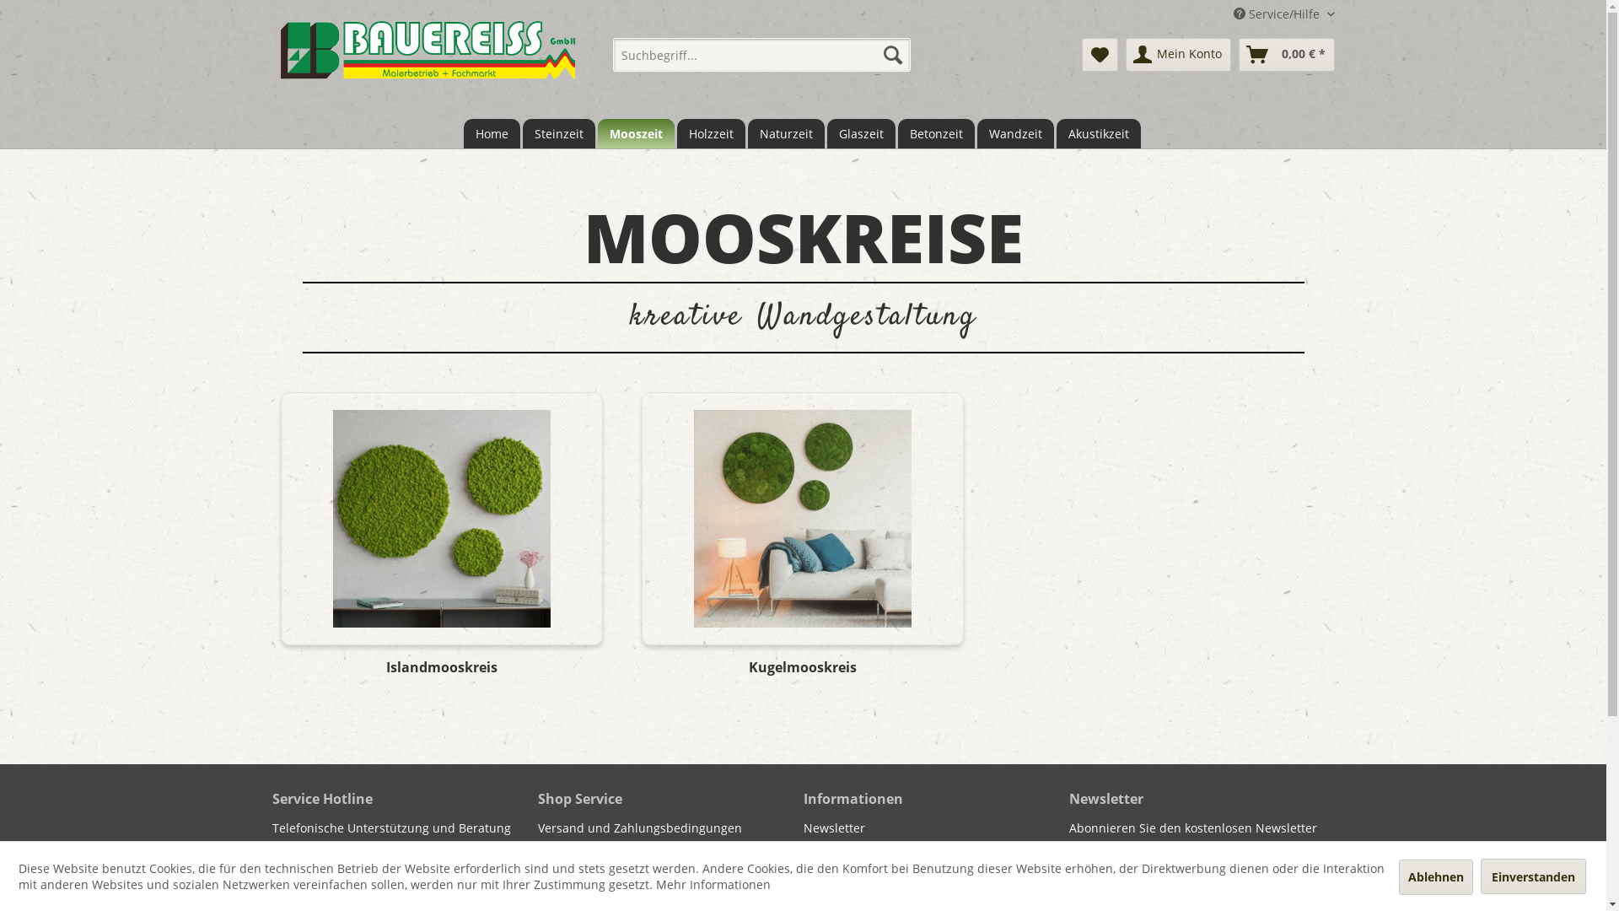 The width and height of the screenshot is (1619, 911). What do you see at coordinates (713, 883) in the screenshot?
I see `'Mehr Informationen'` at bounding box center [713, 883].